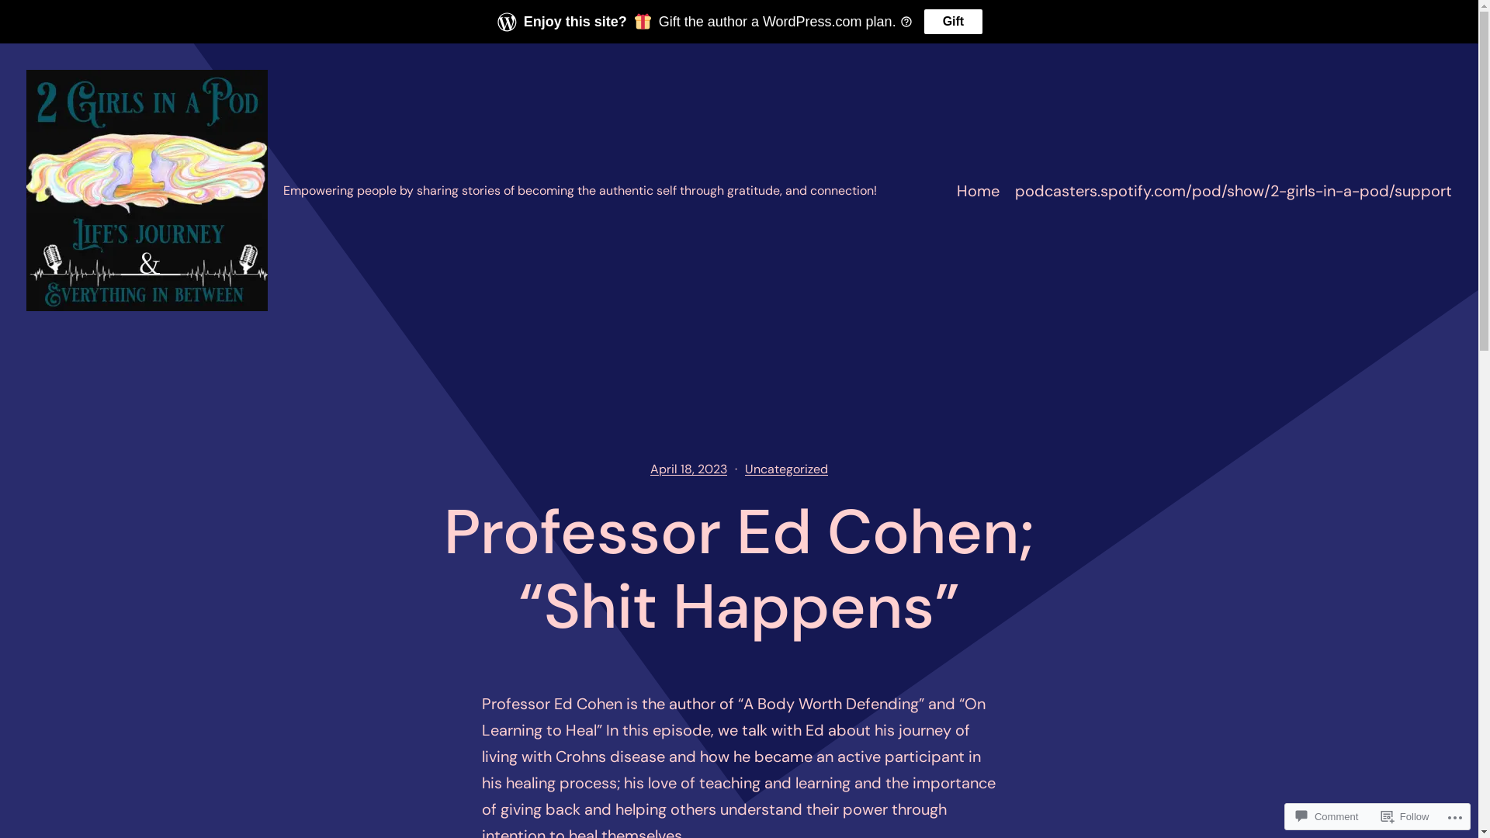 The width and height of the screenshot is (1490, 838). Describe the element at coordinates (1405, 815) in the screenshot. I see `'Follow'` at that location.